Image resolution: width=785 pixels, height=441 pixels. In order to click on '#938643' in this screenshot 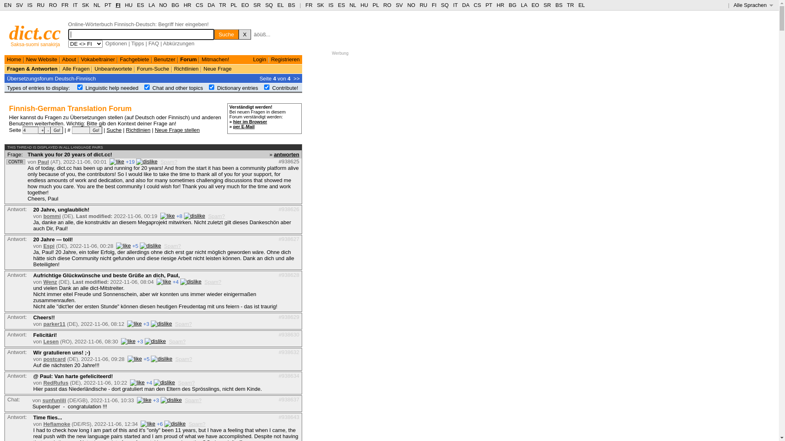, I will do `click(289, 417)`.